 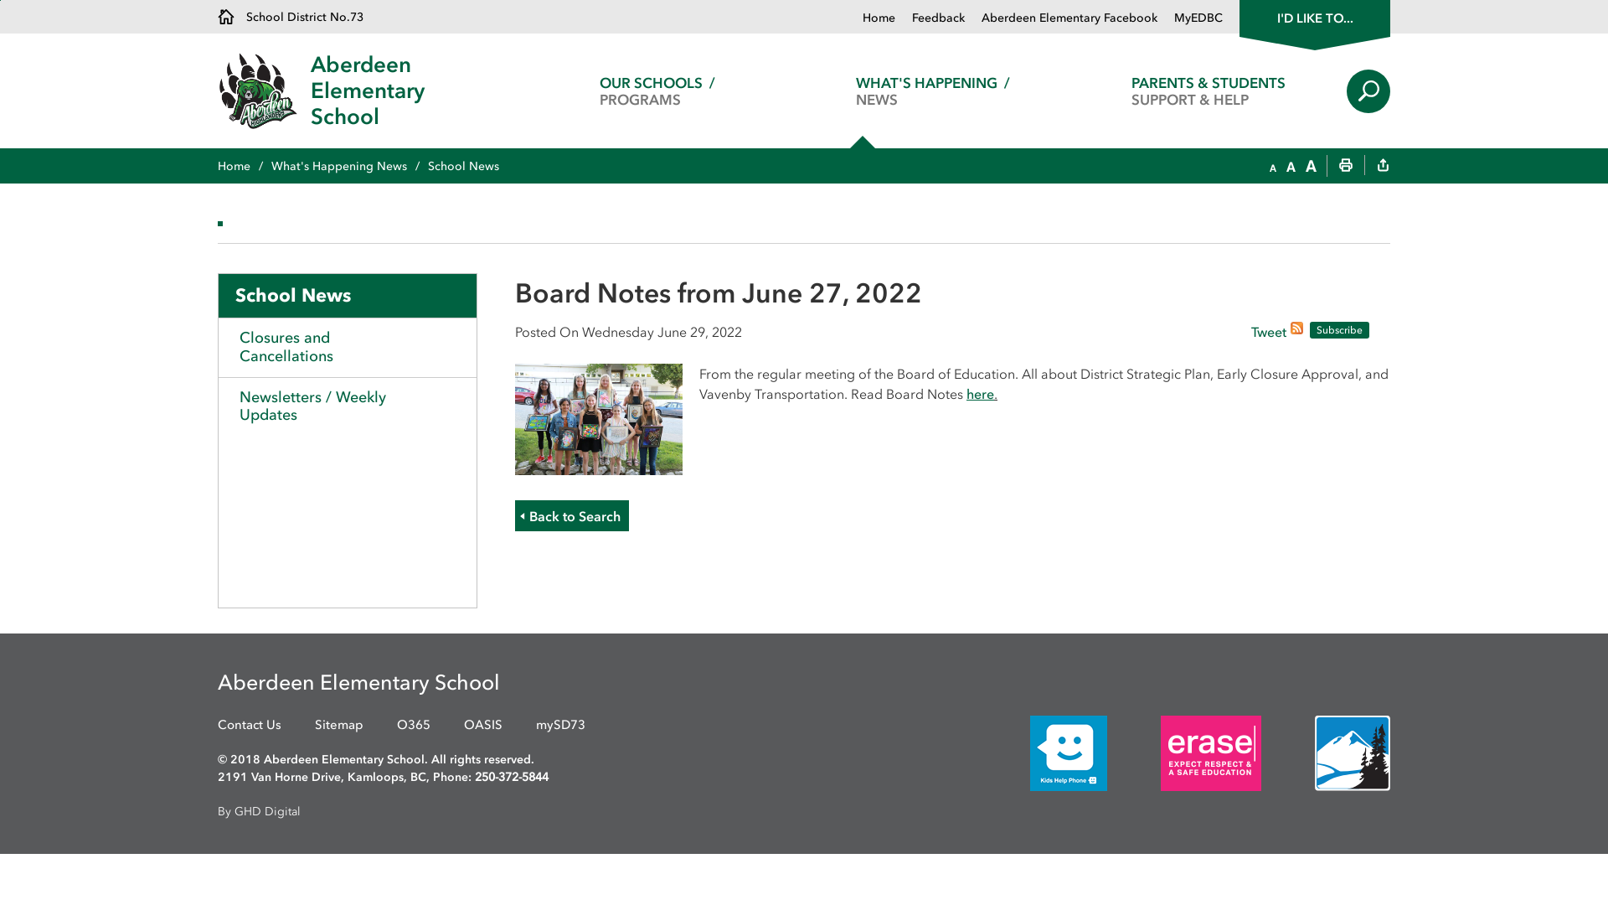 I want to click on 'Feedback', so click(x=929, y=18).